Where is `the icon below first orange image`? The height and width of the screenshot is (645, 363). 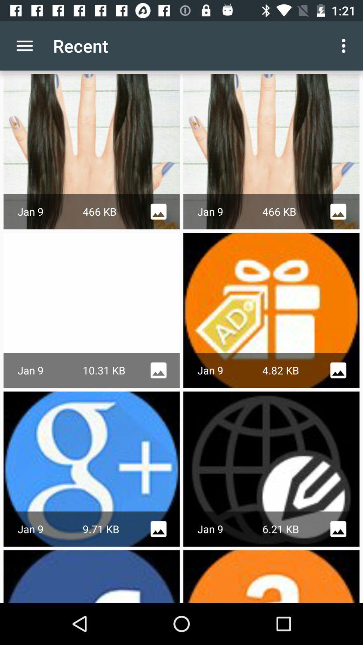
the icon below first orange image is located at coordinates (338, 370).